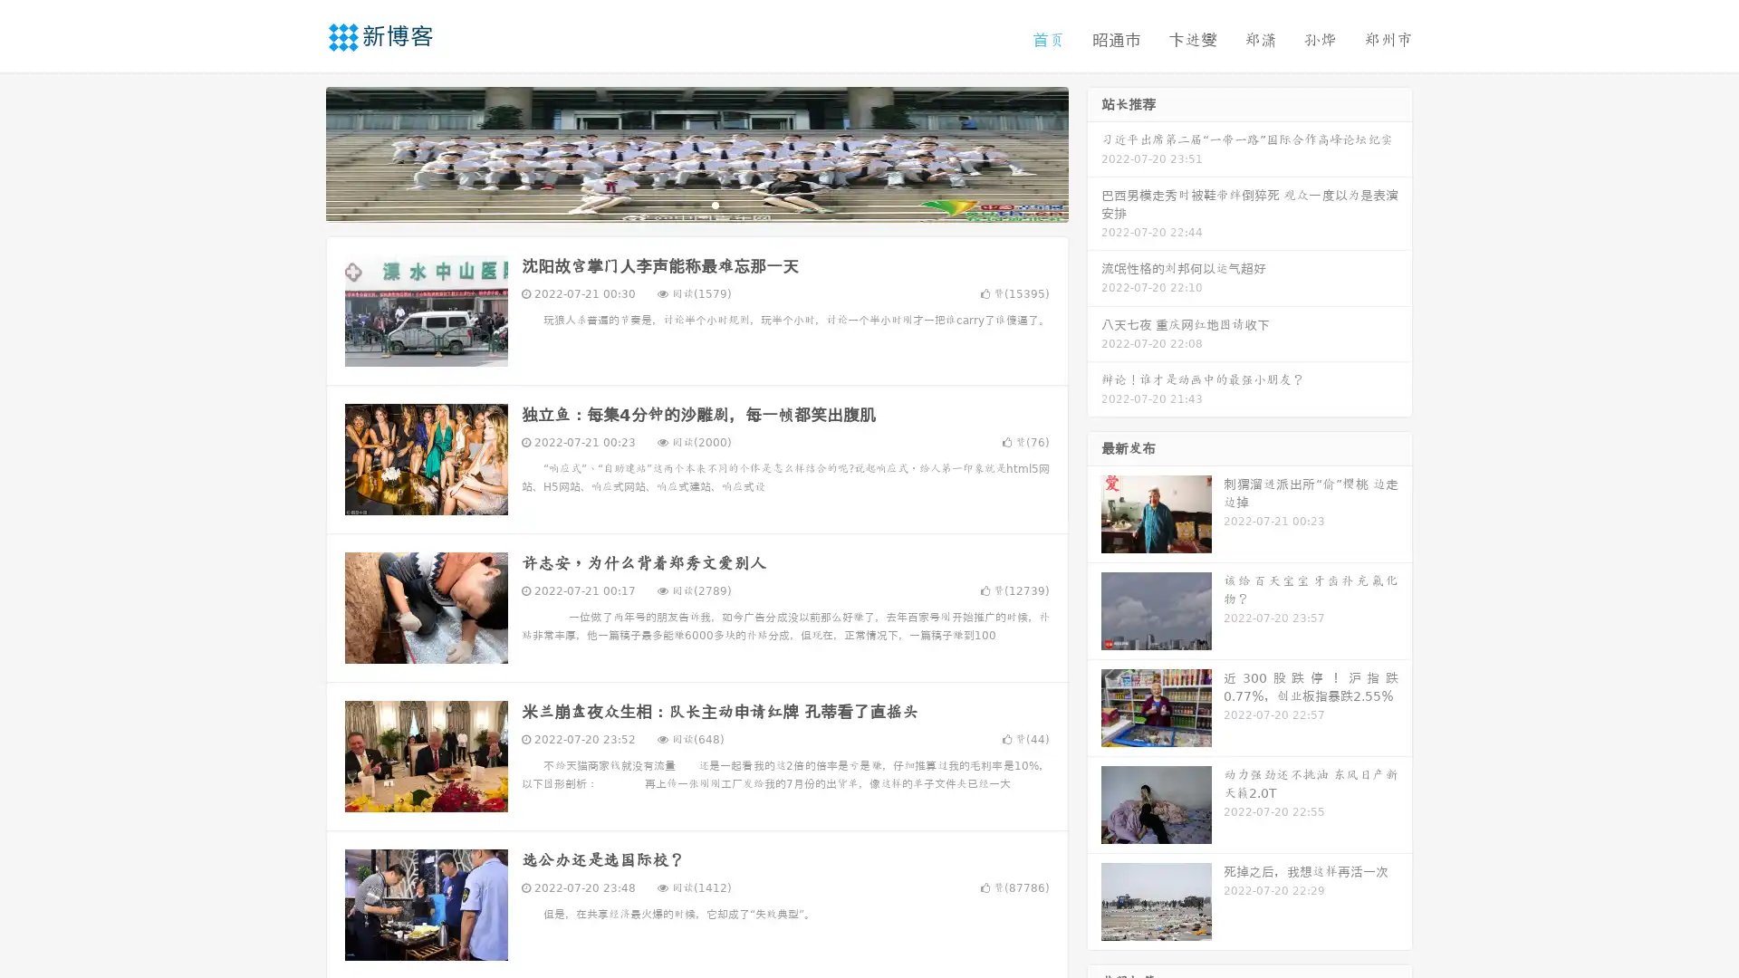 The image size is (1739, 978). I want to click on Go to slide 1, so click(677, 204).